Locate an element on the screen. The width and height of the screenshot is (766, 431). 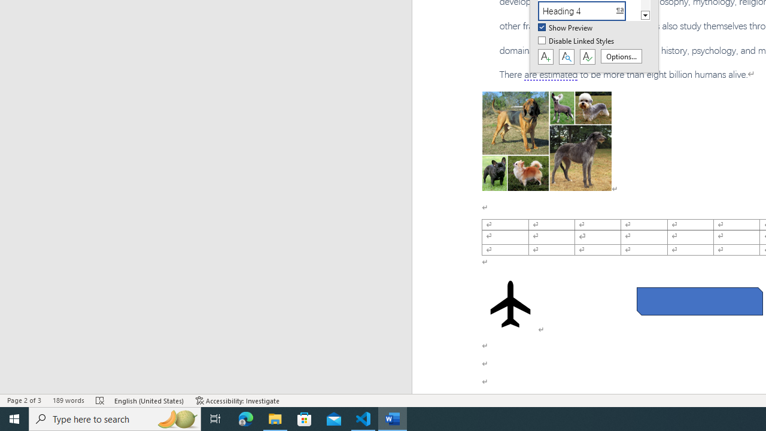
'Rectangle: Diagonal Corners Snipped 2' is located at coordinates (700, 301).